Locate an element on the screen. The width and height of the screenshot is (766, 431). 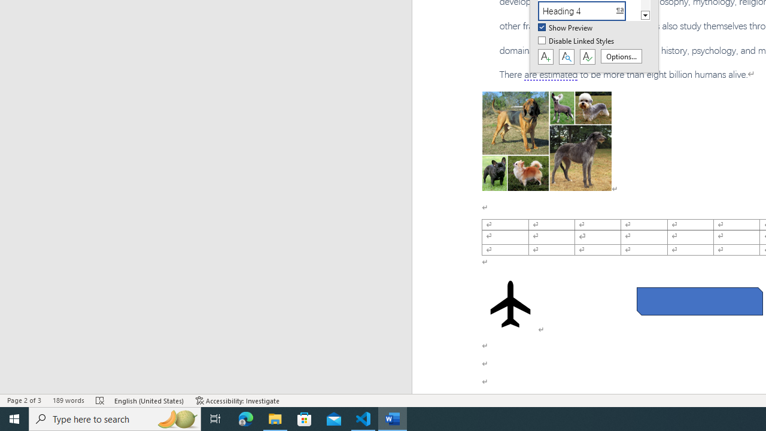
'Rectangle: Diagonal Corners Snipped 2' is located at coordinates (700, 301).